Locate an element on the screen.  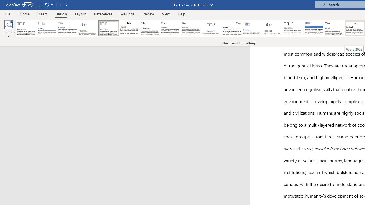
'Minimalist' is located at coordinates (293, 28).